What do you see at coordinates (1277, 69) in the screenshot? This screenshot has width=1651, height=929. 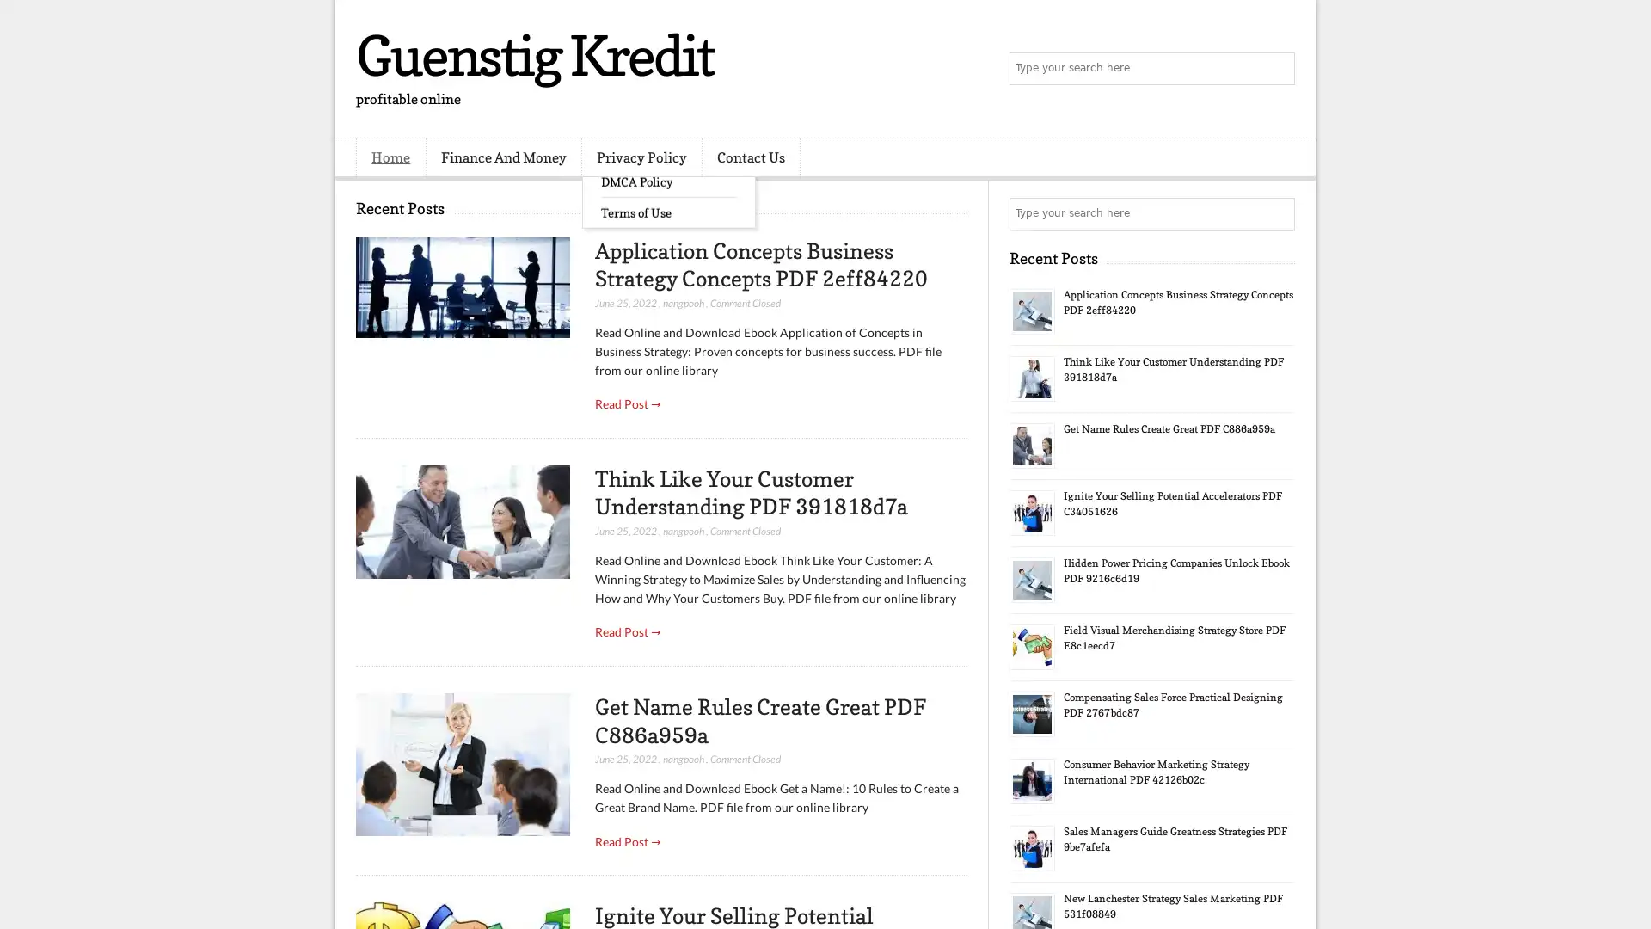 I see `Search` at bounding box center [1277, 69].